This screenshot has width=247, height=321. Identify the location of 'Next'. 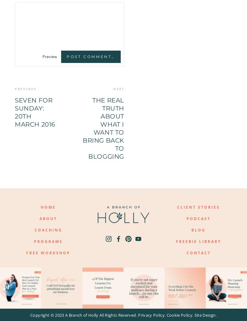
(118, 89).